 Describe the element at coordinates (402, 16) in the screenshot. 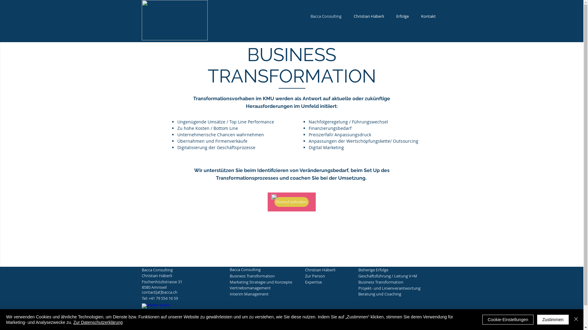

I see `'Erfolge'` at that location.